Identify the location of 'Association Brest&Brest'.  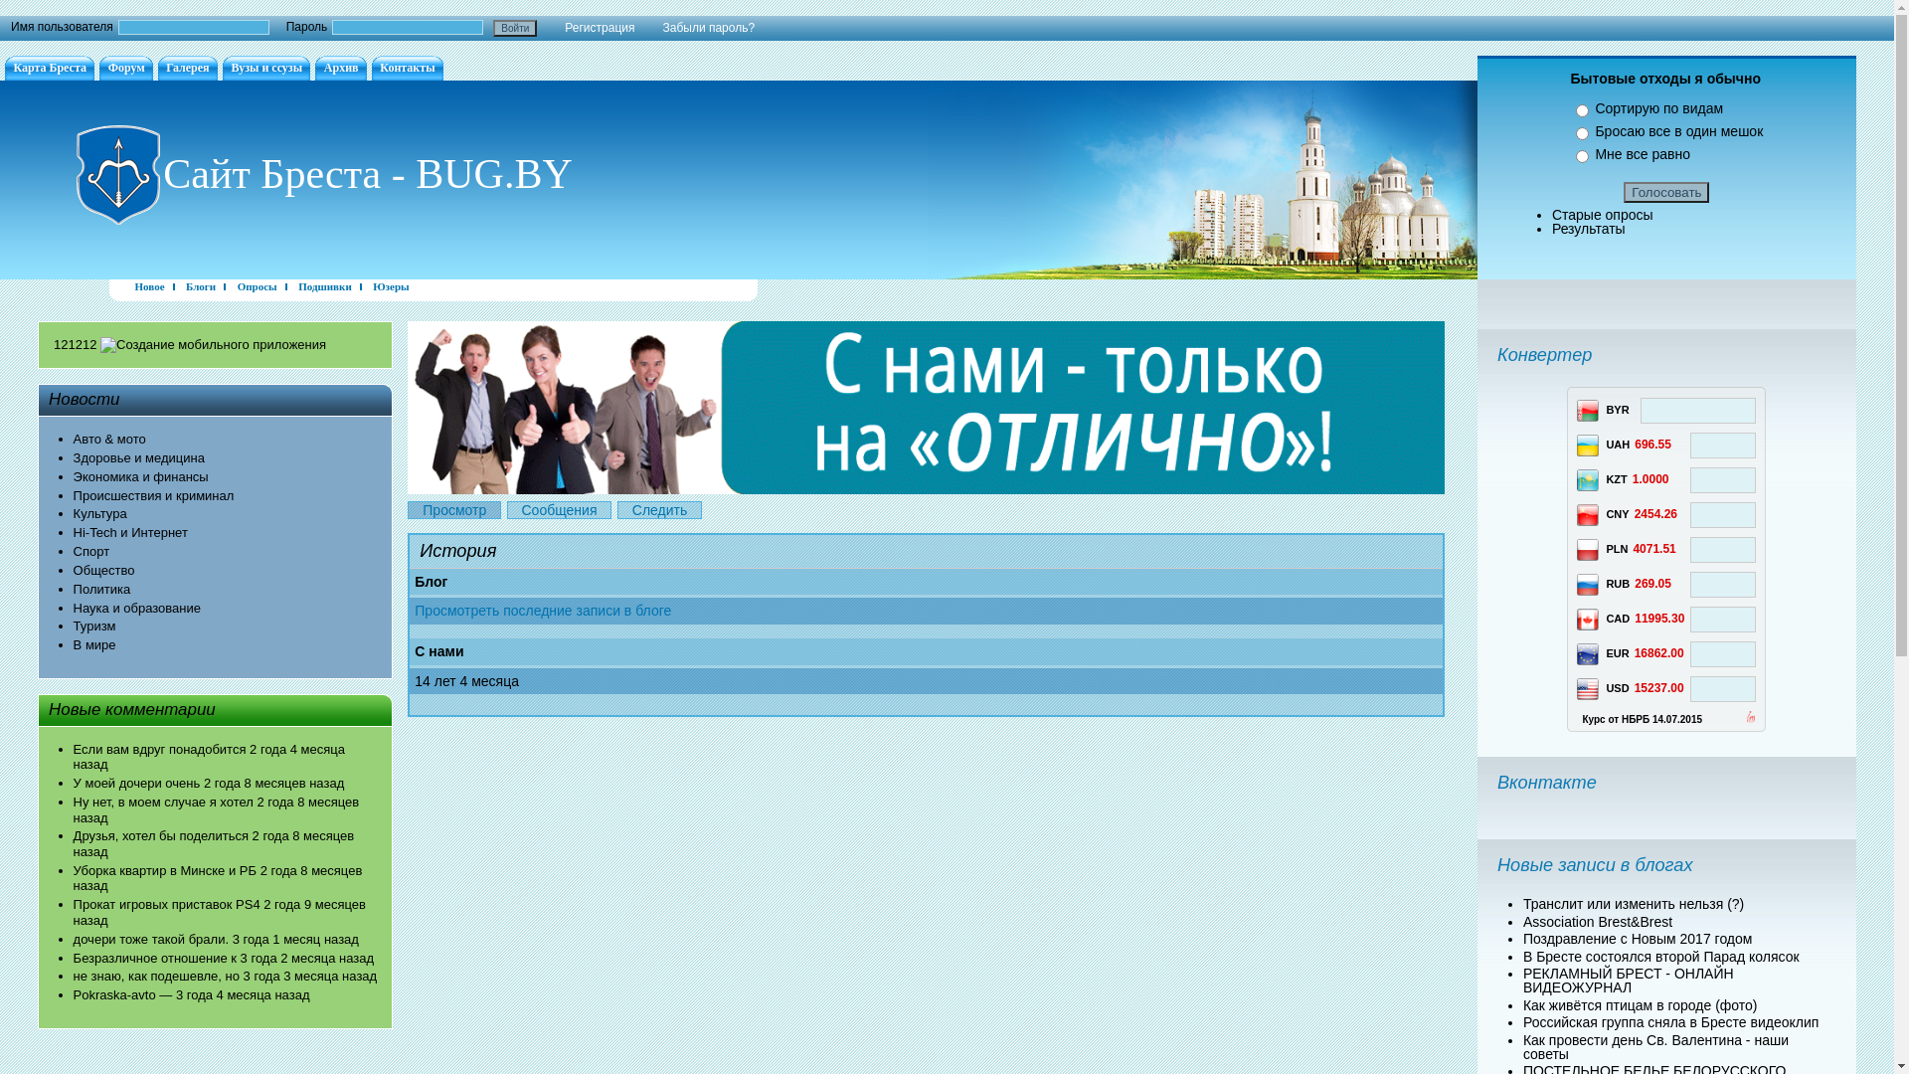
(1598, 920).